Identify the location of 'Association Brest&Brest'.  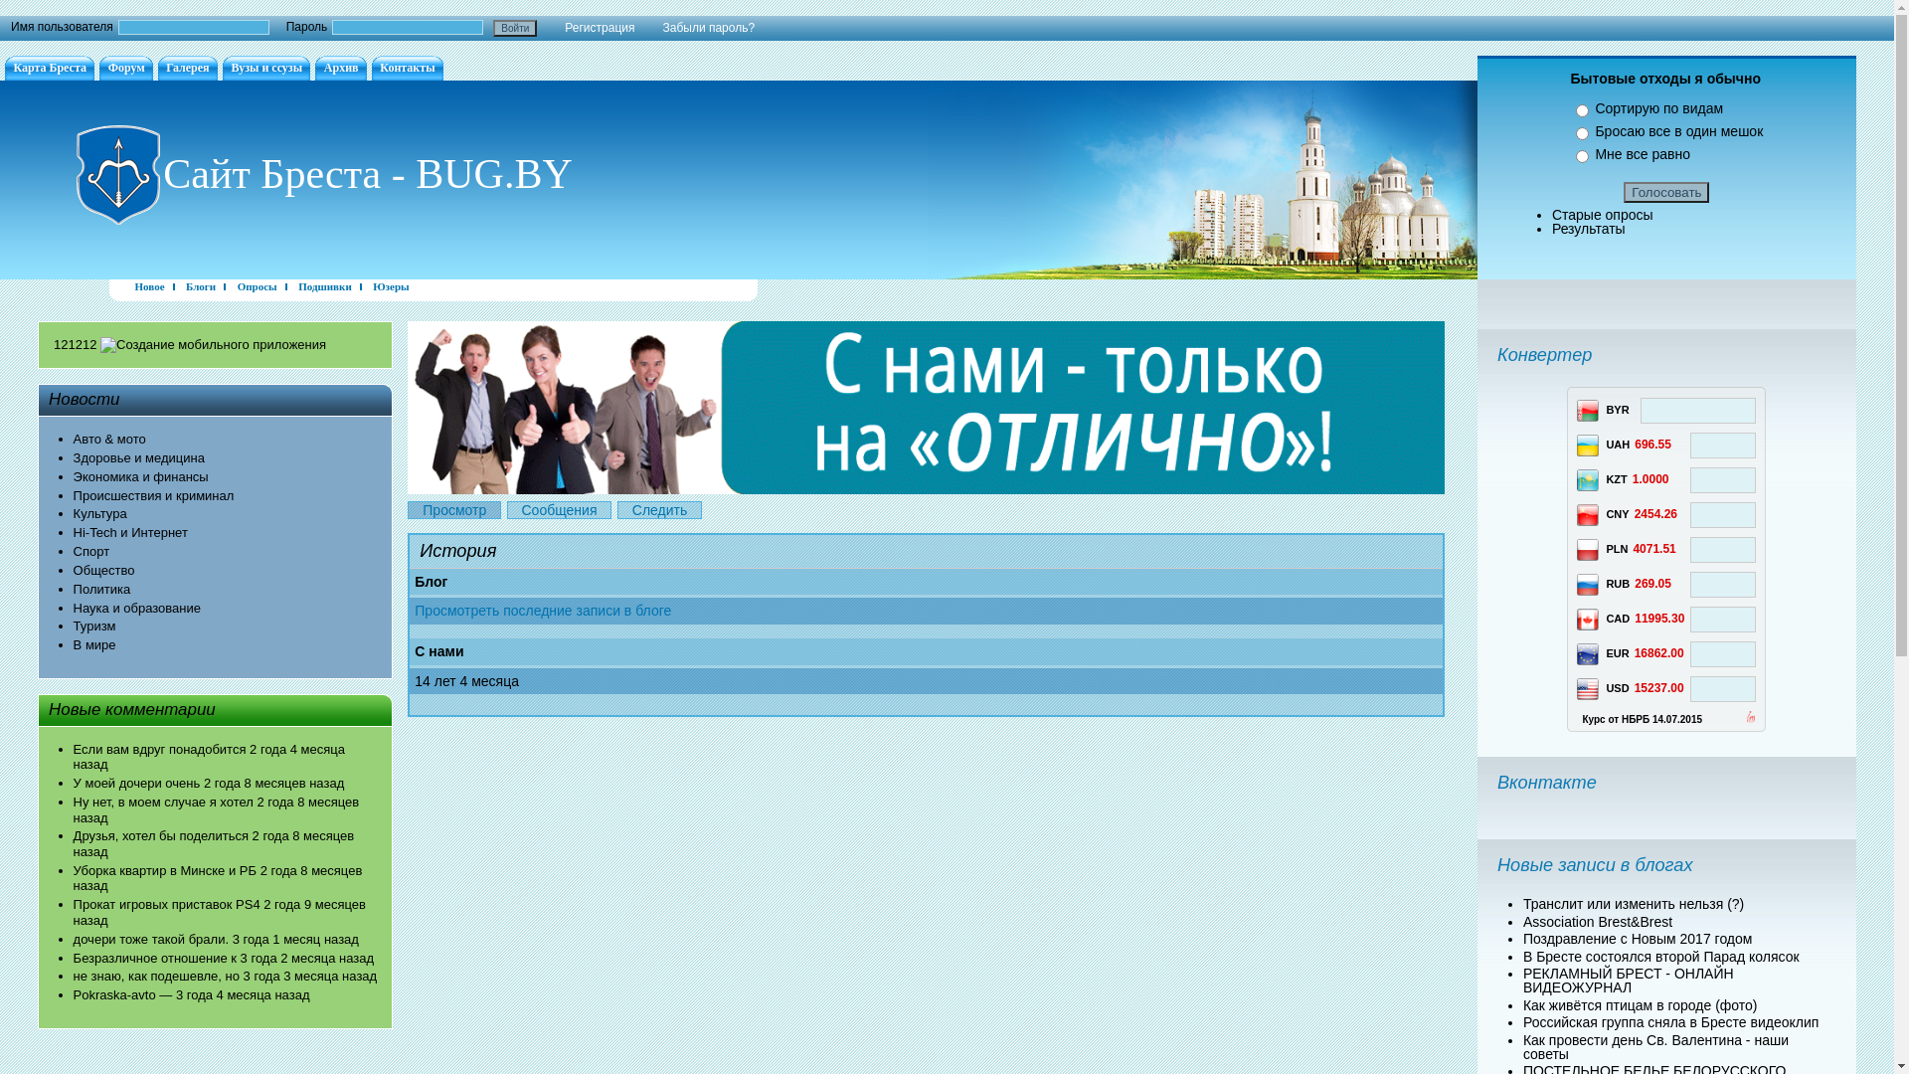
(1598, 920).